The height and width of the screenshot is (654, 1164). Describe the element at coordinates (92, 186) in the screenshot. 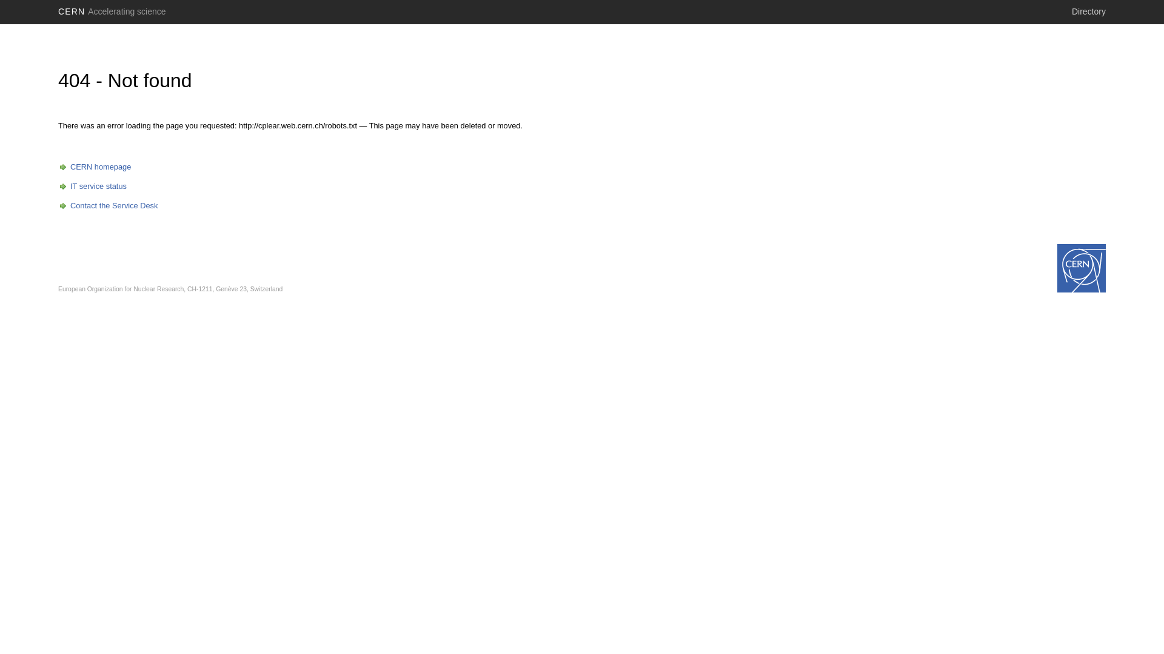

I see `'IT service status'` at that location.